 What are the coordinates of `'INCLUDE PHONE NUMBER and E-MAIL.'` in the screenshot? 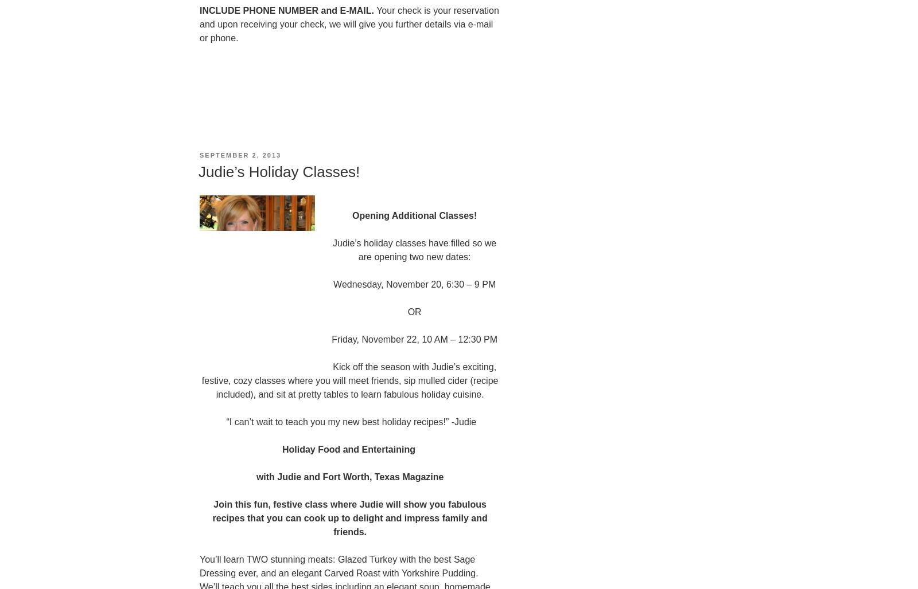 It's located at (286, 10).